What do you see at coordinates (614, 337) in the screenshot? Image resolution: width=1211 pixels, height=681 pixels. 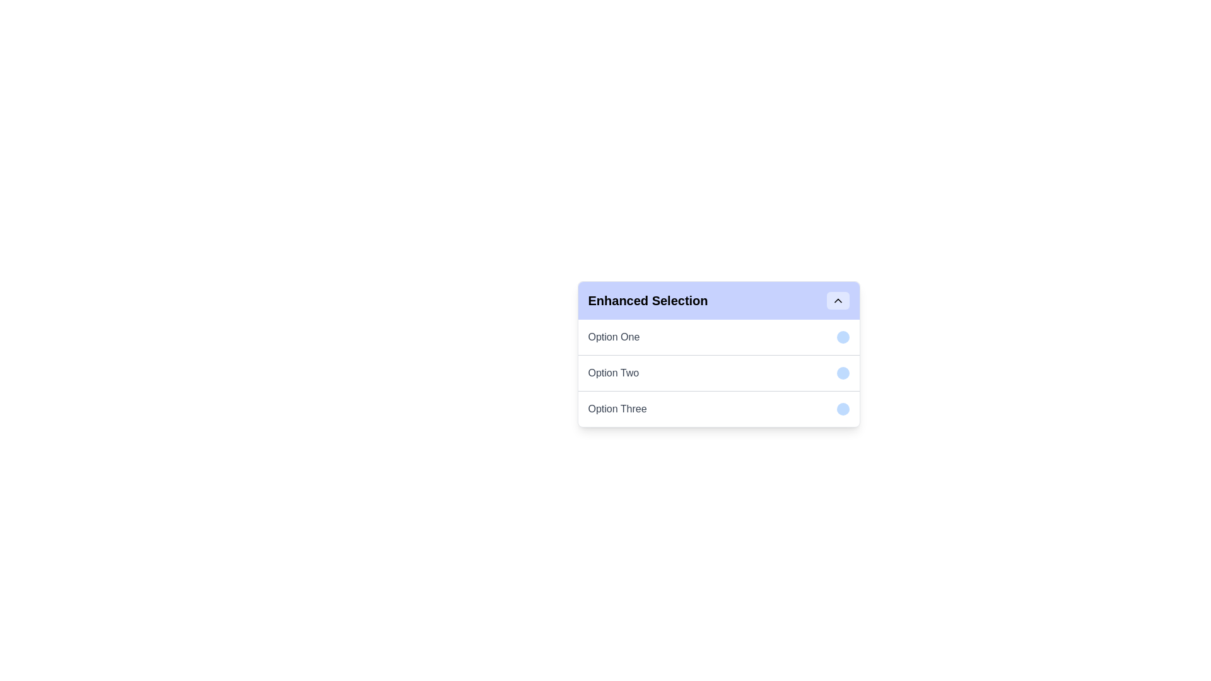 I see `the text label displaying 'Option One' in medium-gray font, located in the top-left section of the 'Enhanced Selection' list` at bounding box center [614, 337].